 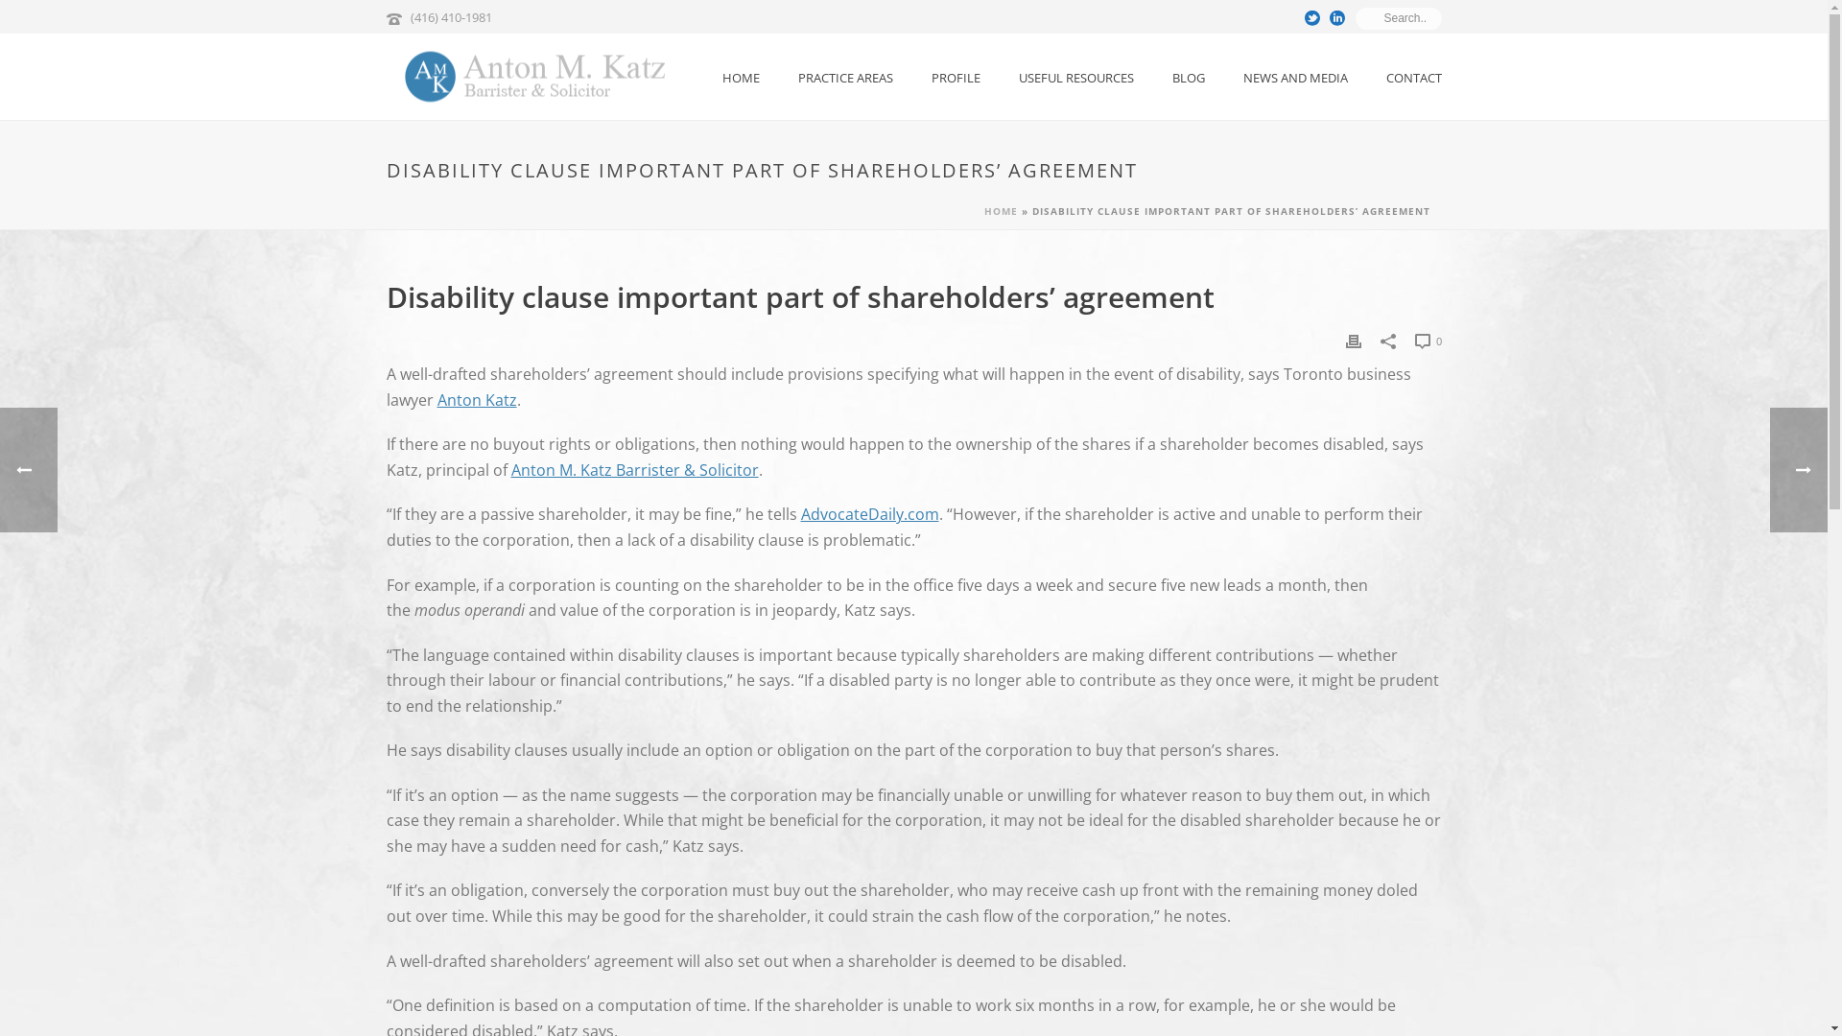 I want to click on 'PRACTICE AREAS', so click(x=844, y=77).